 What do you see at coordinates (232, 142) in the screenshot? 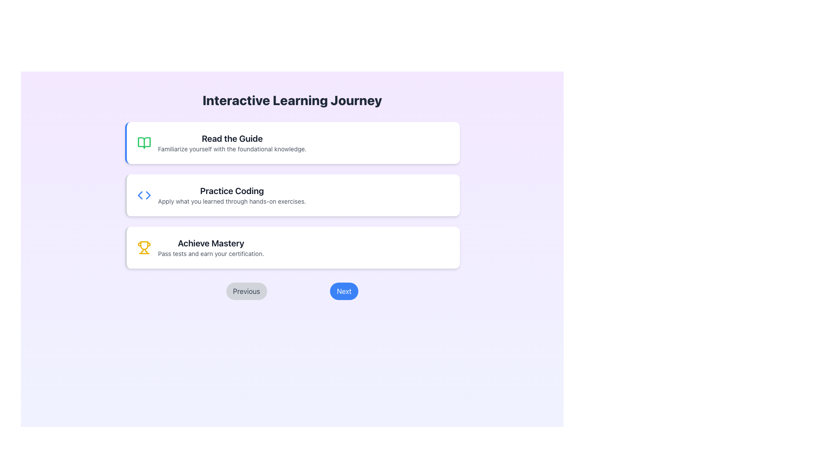
I see `informational title and description displayed in the Text Display Block, which is centrally located beneath the green open book icon and above the 'Practice Coding' and 'Achieve Mastery' sections` at bounding box center [232, 142].